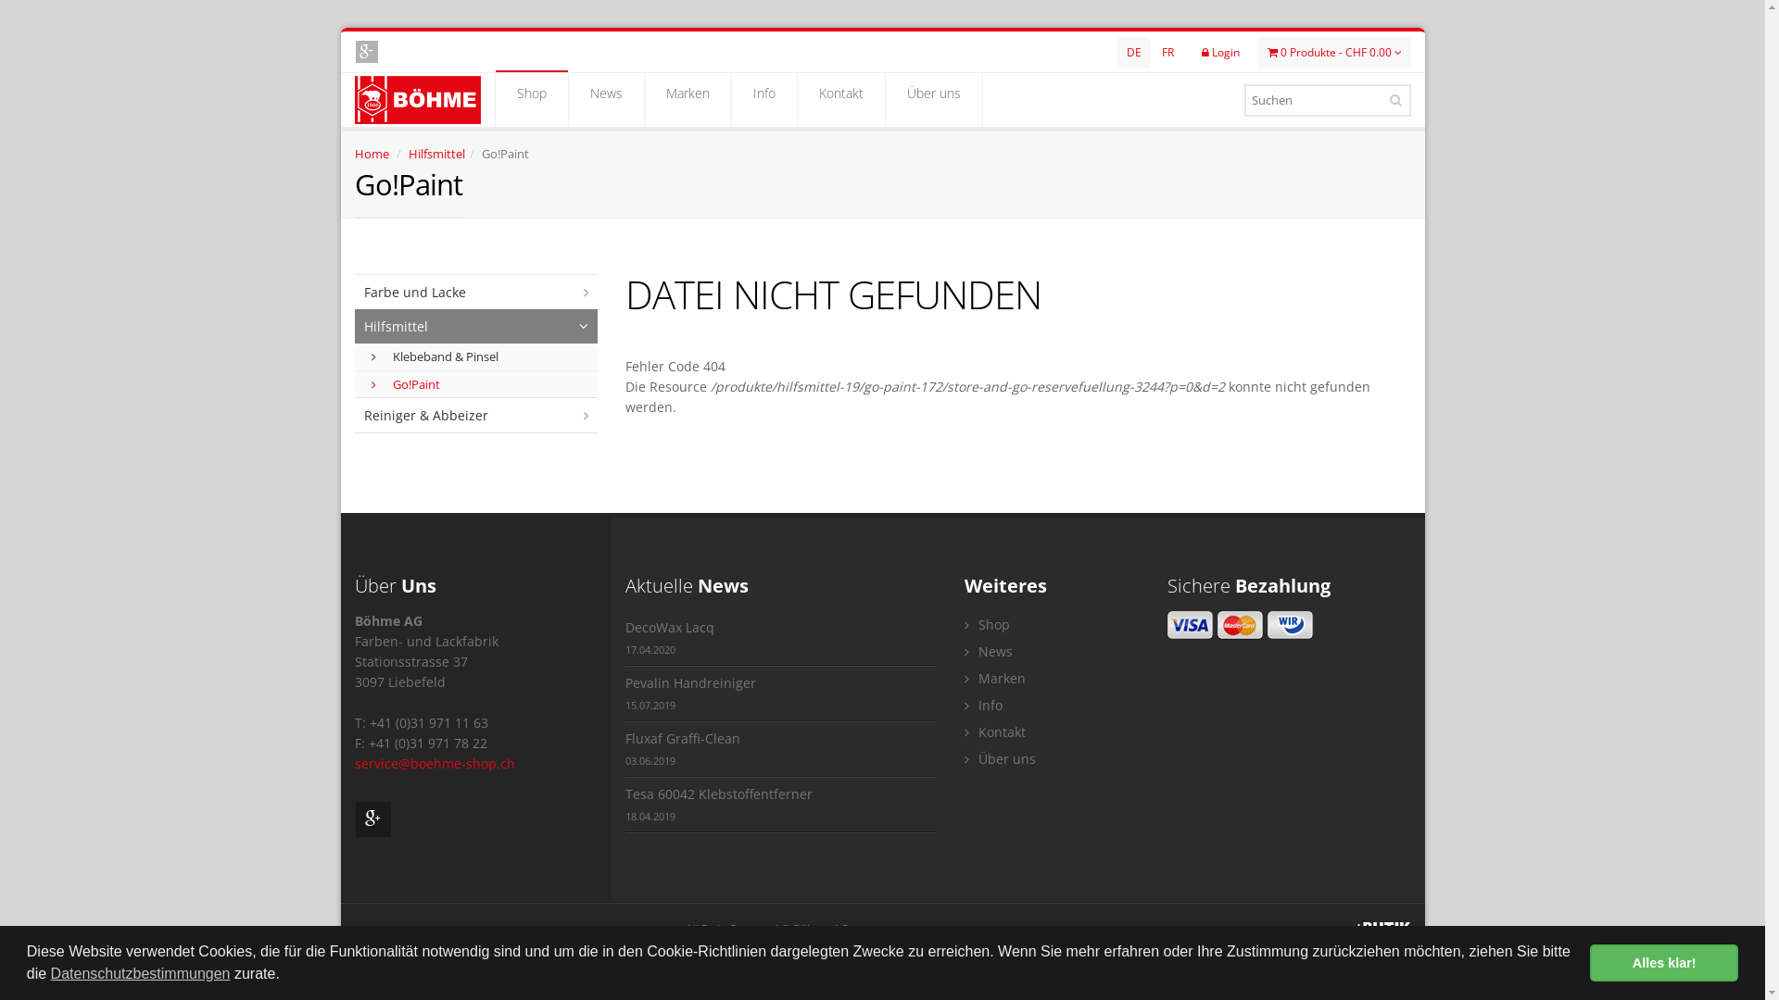 This screenshot has width=1779, height=1000. I want to click on 'News, so click(568, 100).